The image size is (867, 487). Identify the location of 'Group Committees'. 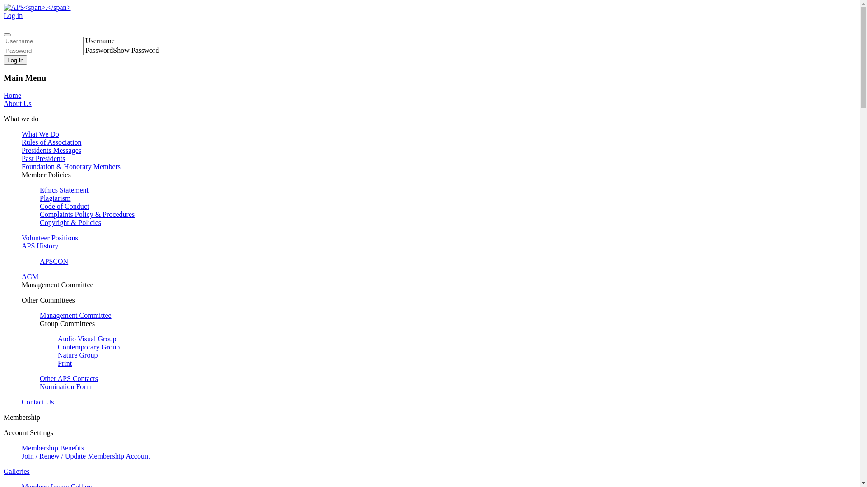
(66, 323).